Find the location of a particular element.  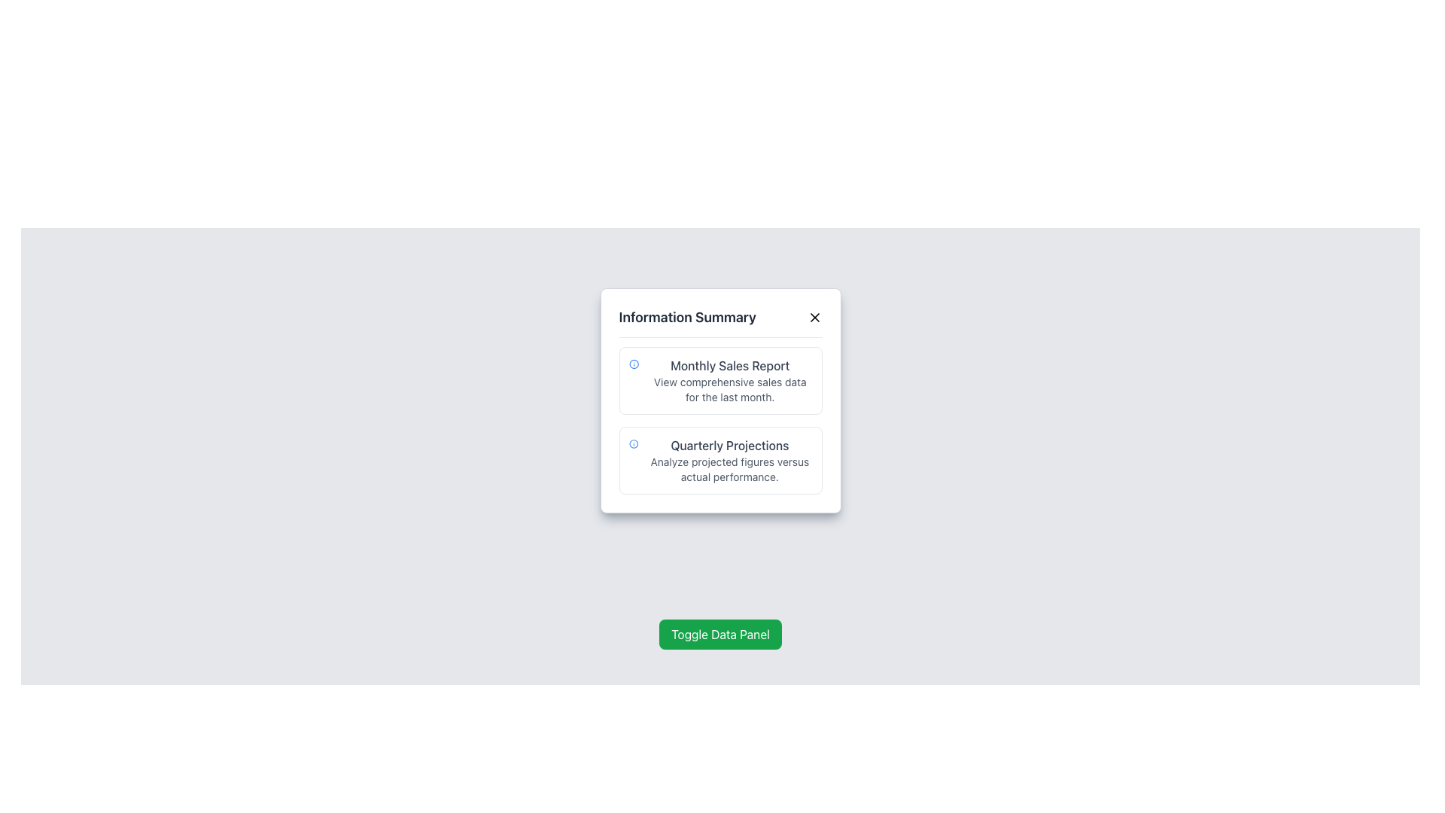

the informational text block titled 'Quarterly Projections' that contains the description 'Analyze projected figures versus actual performance.', located within a card below the 'Monthly Sales Report' card is located at coordinates (729, 460).